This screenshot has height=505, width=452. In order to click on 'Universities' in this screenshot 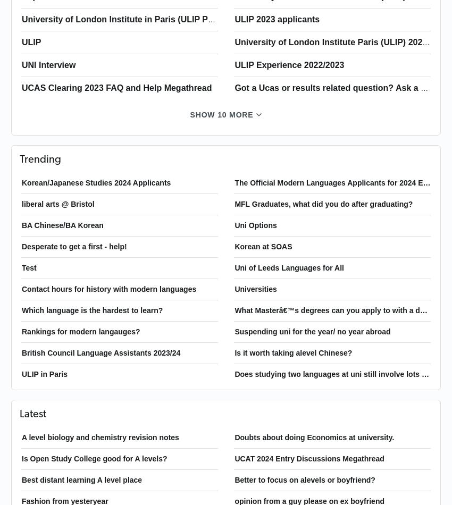, I will do `click(255, 289)`.